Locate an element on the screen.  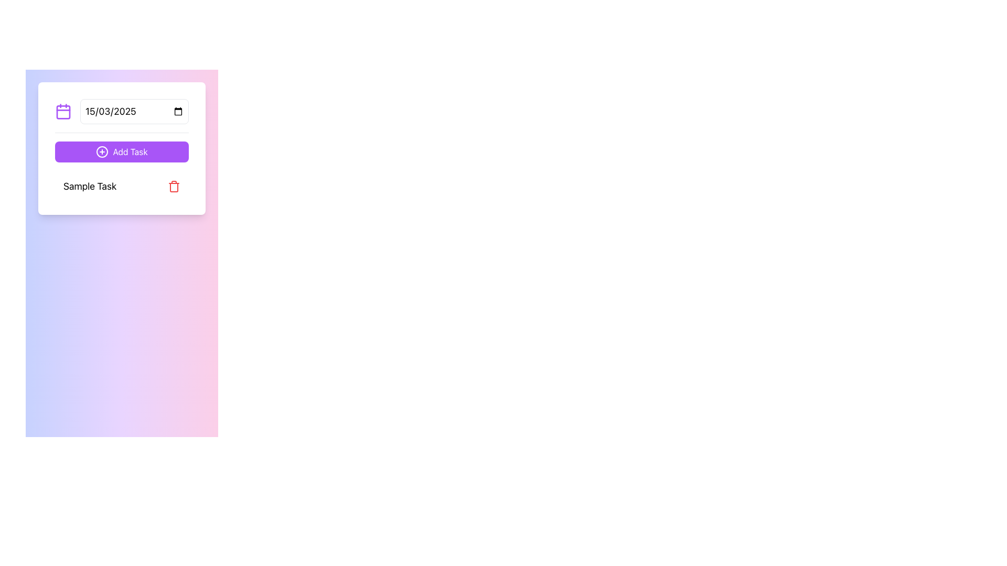
the circular '+' icon styled in purple, which is the first visual element inside the 'Add Task' button is located at coordinates (102, 151).